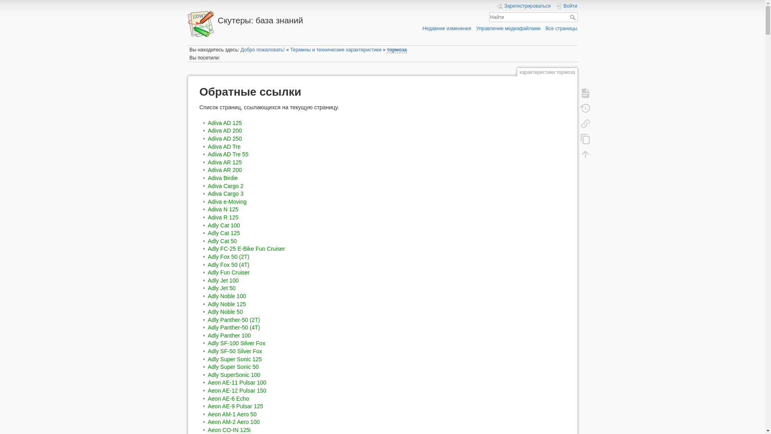  What do you see at coordinates (208, 406) in the screenshot?
I see `'Aeon AE-9 Pulsar 125'` at bounding box center [208, 406].